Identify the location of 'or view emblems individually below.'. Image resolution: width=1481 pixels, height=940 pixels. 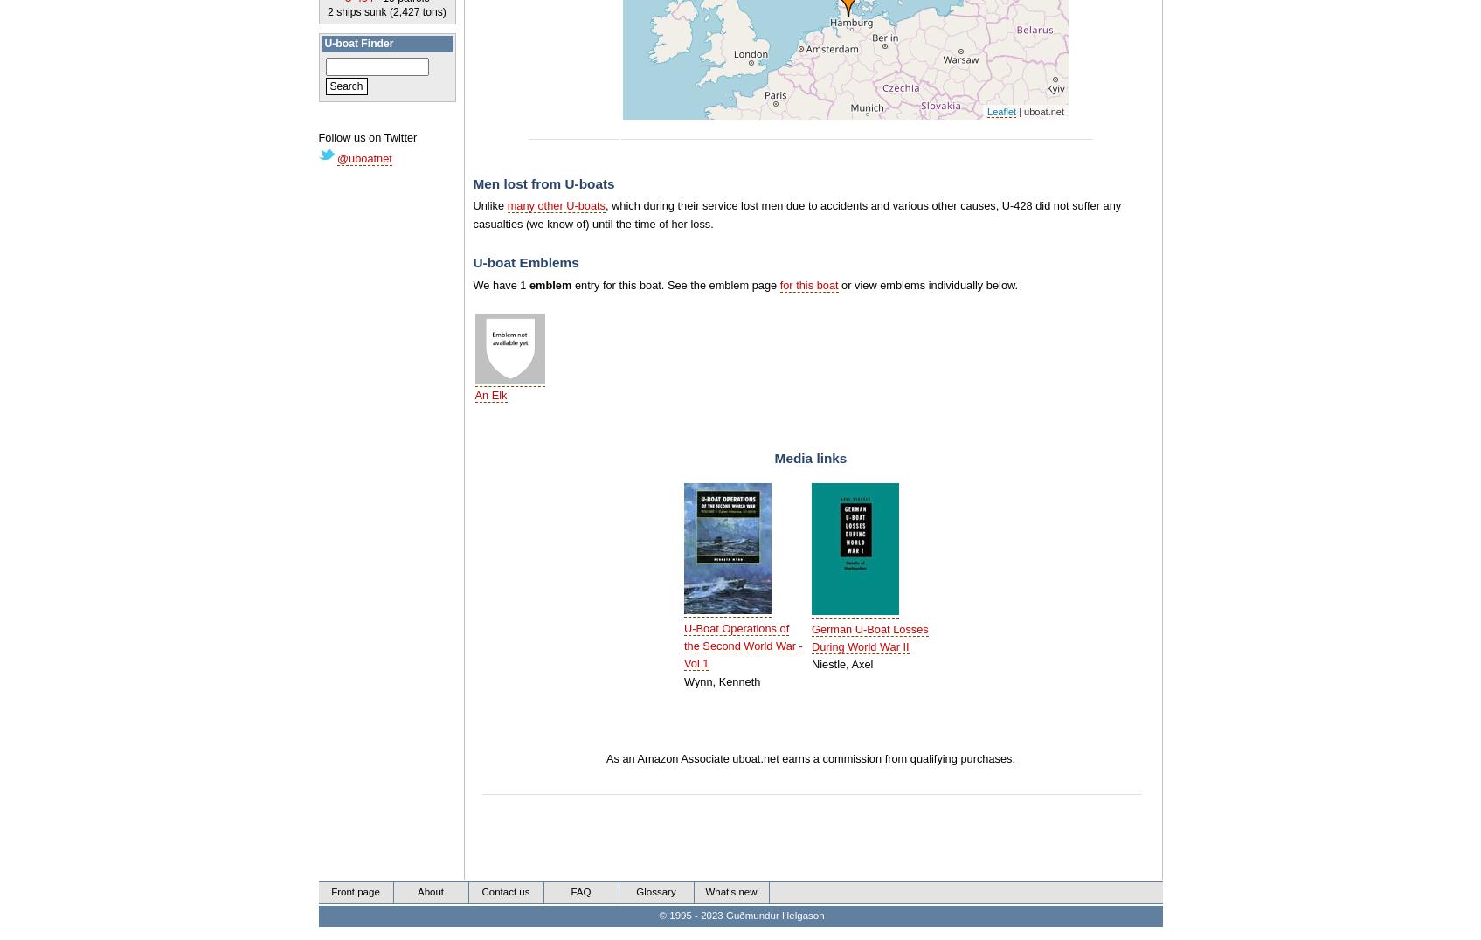
(838, 284).